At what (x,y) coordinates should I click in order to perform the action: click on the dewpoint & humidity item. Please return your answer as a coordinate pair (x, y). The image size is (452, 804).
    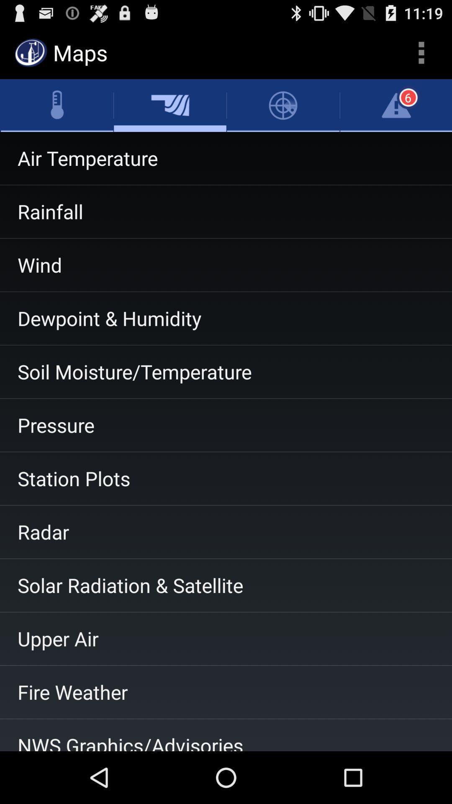
    Looking at the image, I should click on (226, 318).